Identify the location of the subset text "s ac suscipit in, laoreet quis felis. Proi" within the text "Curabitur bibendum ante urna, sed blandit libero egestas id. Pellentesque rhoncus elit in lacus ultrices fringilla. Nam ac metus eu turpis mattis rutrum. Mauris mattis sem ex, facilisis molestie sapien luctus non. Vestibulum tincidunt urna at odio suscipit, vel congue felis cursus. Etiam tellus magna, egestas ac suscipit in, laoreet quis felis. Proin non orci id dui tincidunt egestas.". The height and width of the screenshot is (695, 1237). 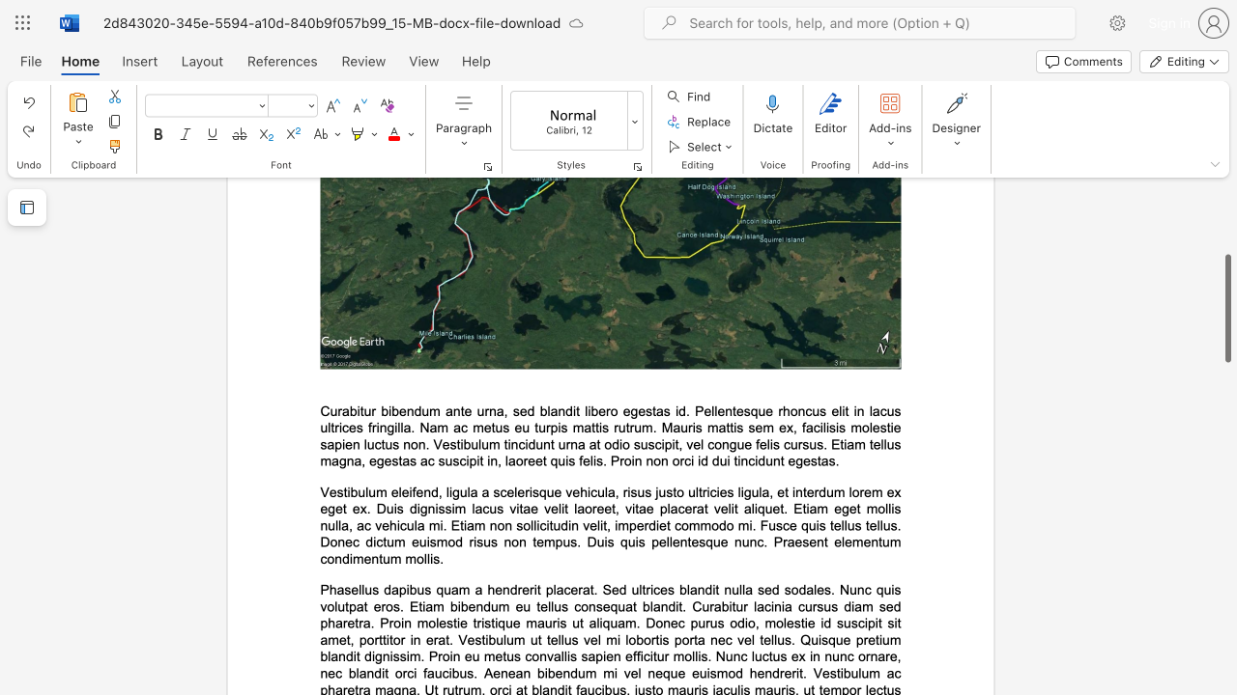
(409, 460).